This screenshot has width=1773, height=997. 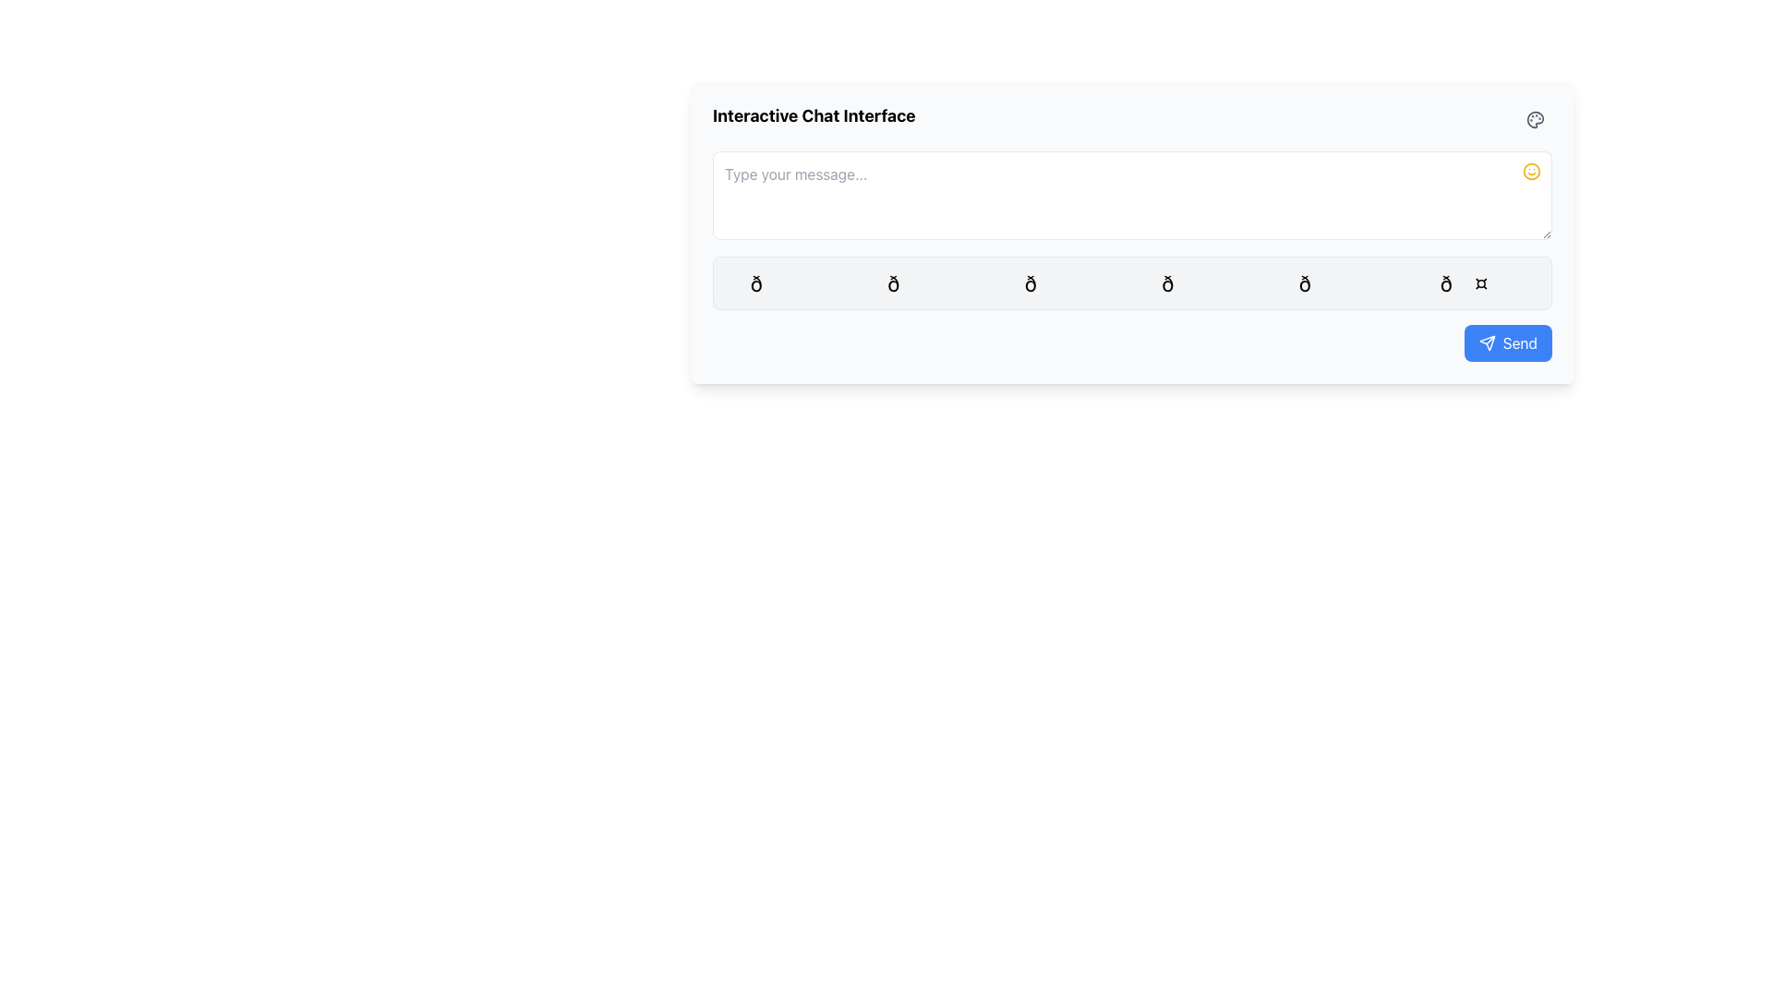 What do you see at coordinates (1338, 283) in the screenshot?
I see `the fifth emoji button in the horizontal group of six stylized emoji icons` at bounding box center [1338, 283].